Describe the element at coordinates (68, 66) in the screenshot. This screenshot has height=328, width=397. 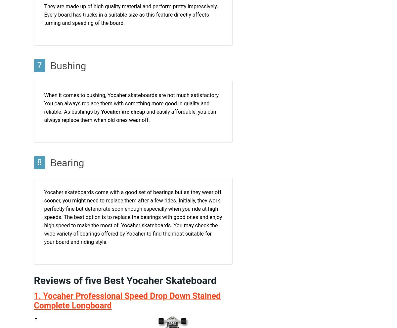
I see `'Bushing'` at that location.